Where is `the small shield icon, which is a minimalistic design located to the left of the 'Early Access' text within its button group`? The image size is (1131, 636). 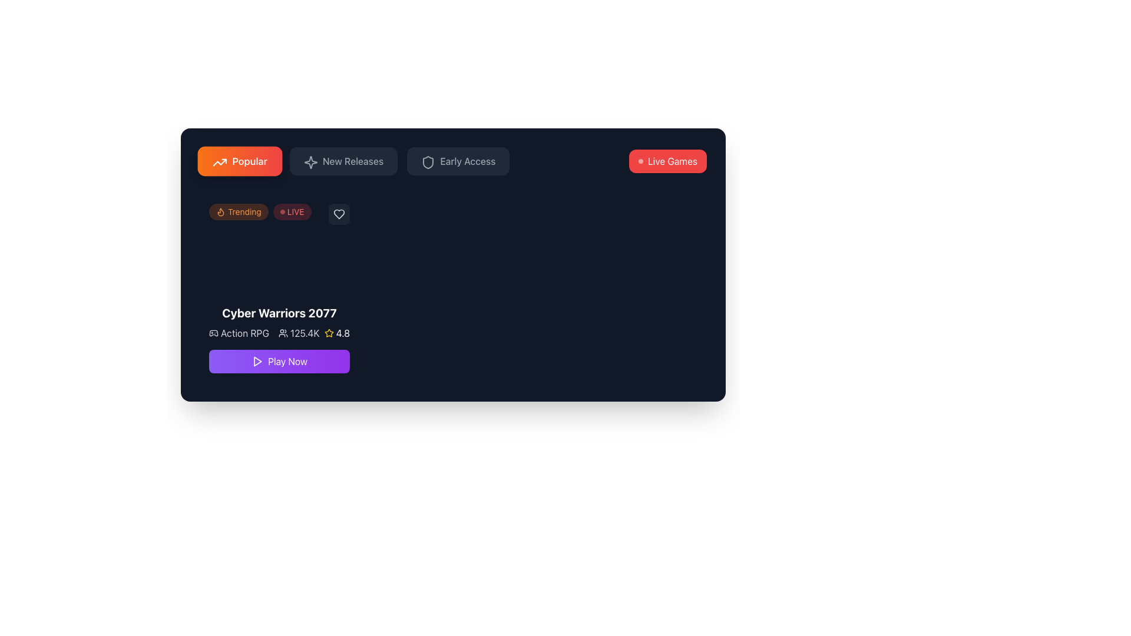 the small shield icon, which is a minimalistic design located to the left of the 'Early Access' text within its button group is located at coordinates (426, 161).